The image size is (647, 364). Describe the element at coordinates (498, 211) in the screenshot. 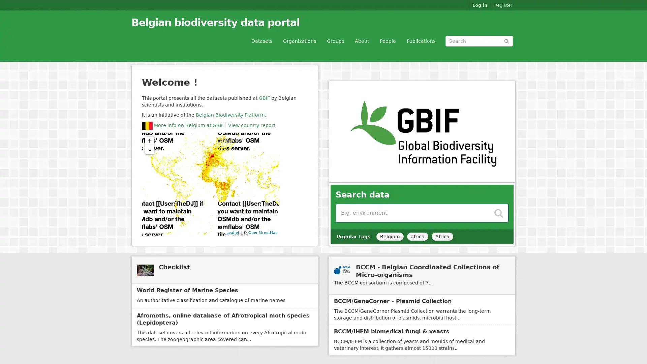

I see `Search` at that location.